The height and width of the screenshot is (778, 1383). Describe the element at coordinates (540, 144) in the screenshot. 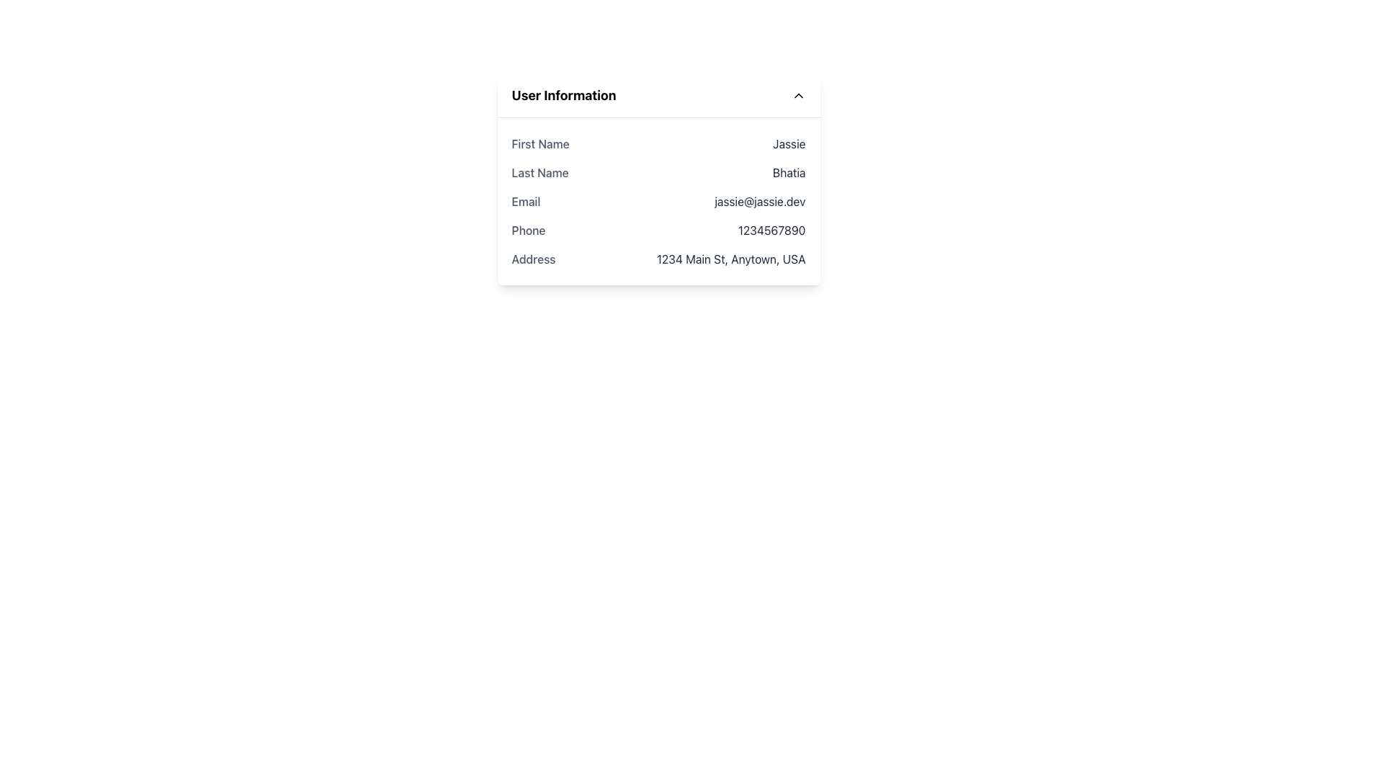

I see `the static text element labeled 'First Name' which is styled in gray and is part of the 'User Information' section, positioned above 'Last Name'` at that location.